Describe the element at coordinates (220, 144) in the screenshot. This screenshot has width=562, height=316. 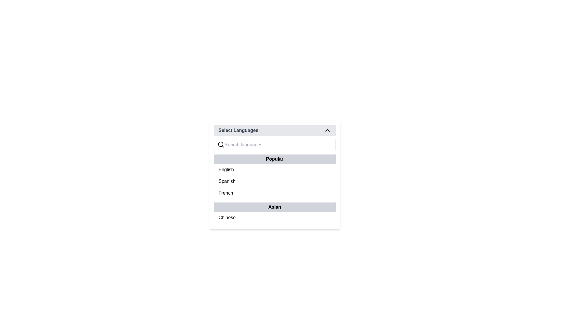
I see `the magnifying glass icon located in the top-left corner of the search bar component, which is under the 'Select Languages' label in the dropdown menu` at that location.